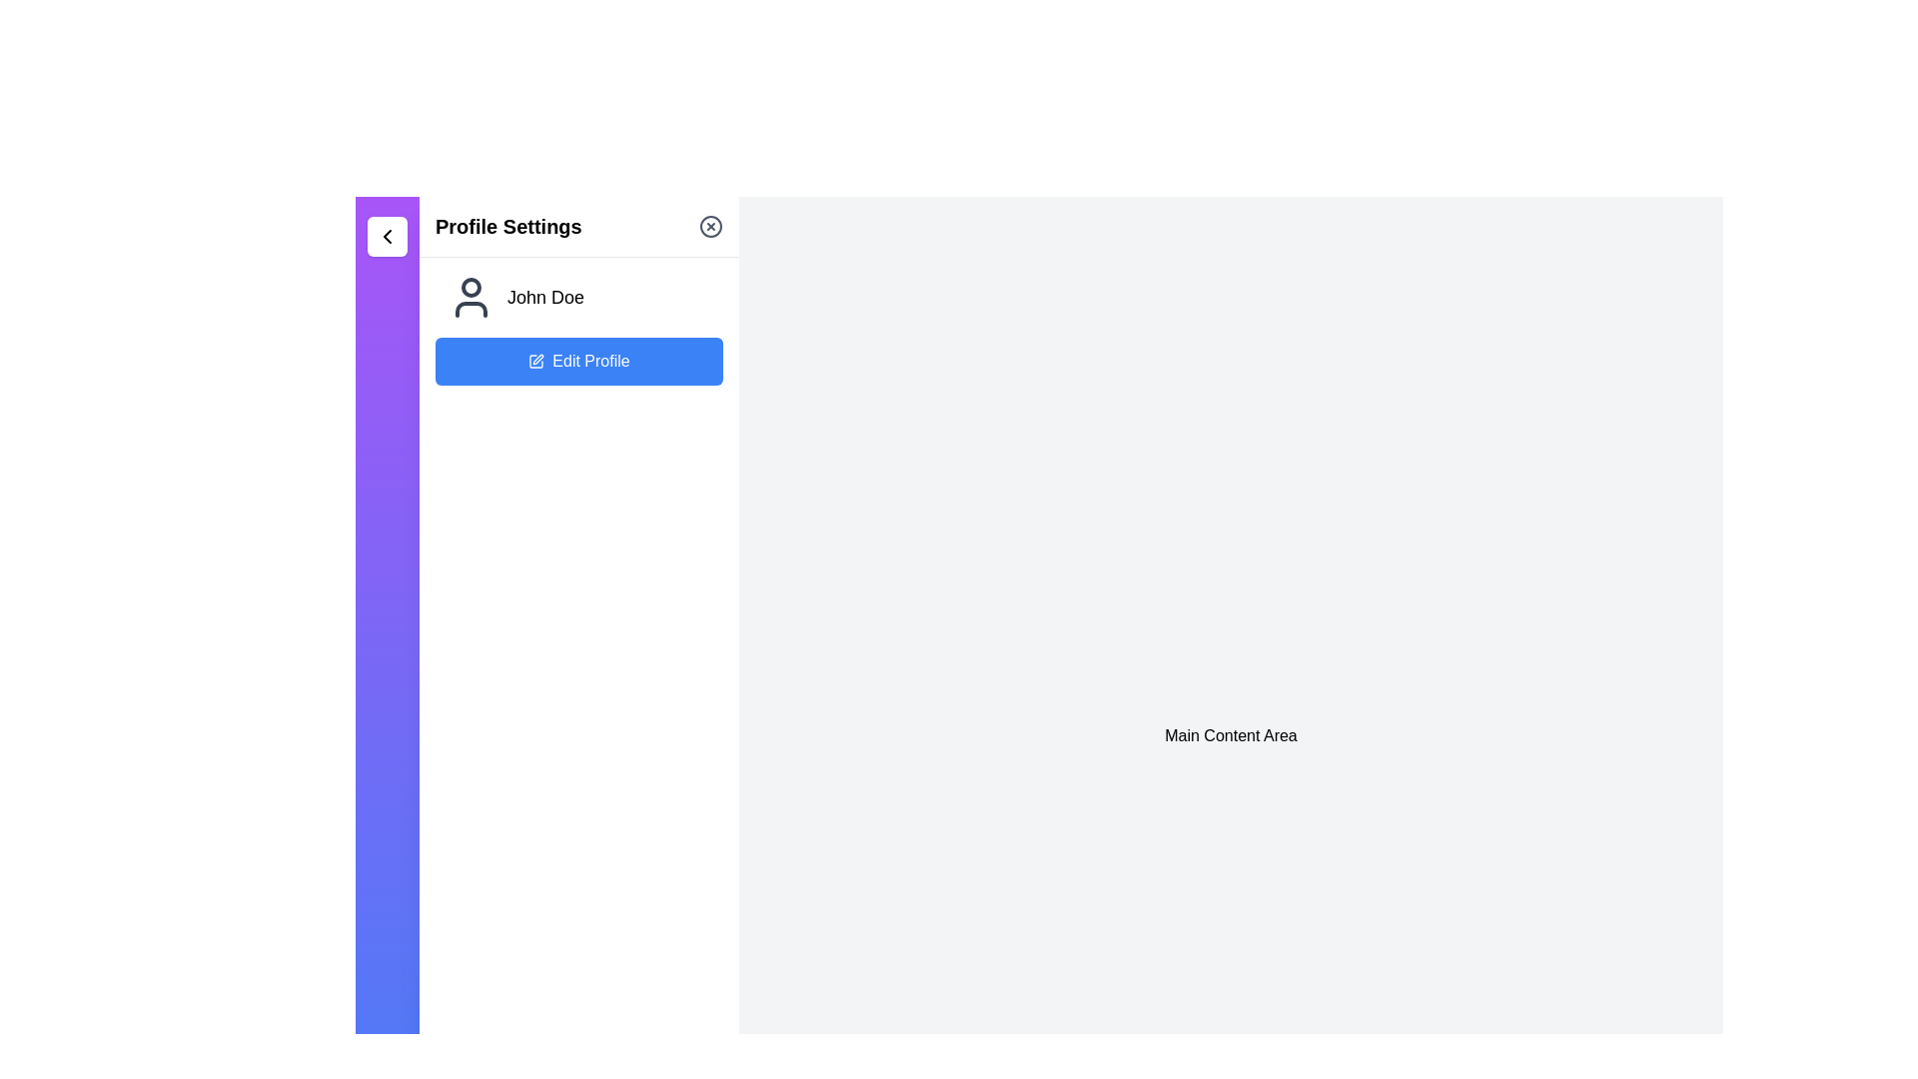 The height and width of the screenshot is (1079, 1918). I want to click on the static text label displaying the user's name, which is located in the left panel below the 'Profile Settings' header and to the right of the user icon, so click(545, 297).